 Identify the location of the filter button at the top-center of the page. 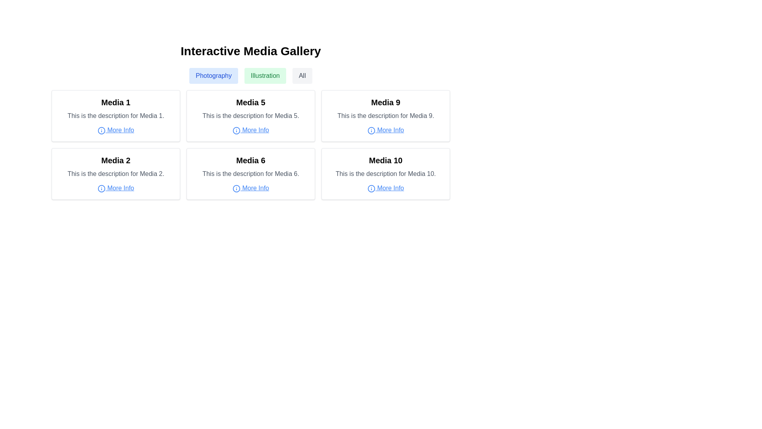
(214, 76).